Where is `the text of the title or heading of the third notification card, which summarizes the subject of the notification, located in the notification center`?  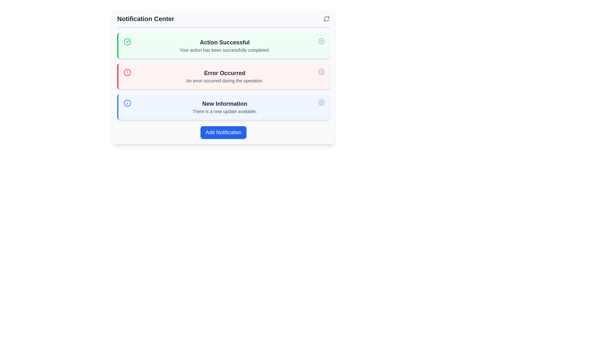
the text of the title or heading of the third notification card, which summarizes the subject of the notification, located in the notification center is located at coordinates (225, 103).